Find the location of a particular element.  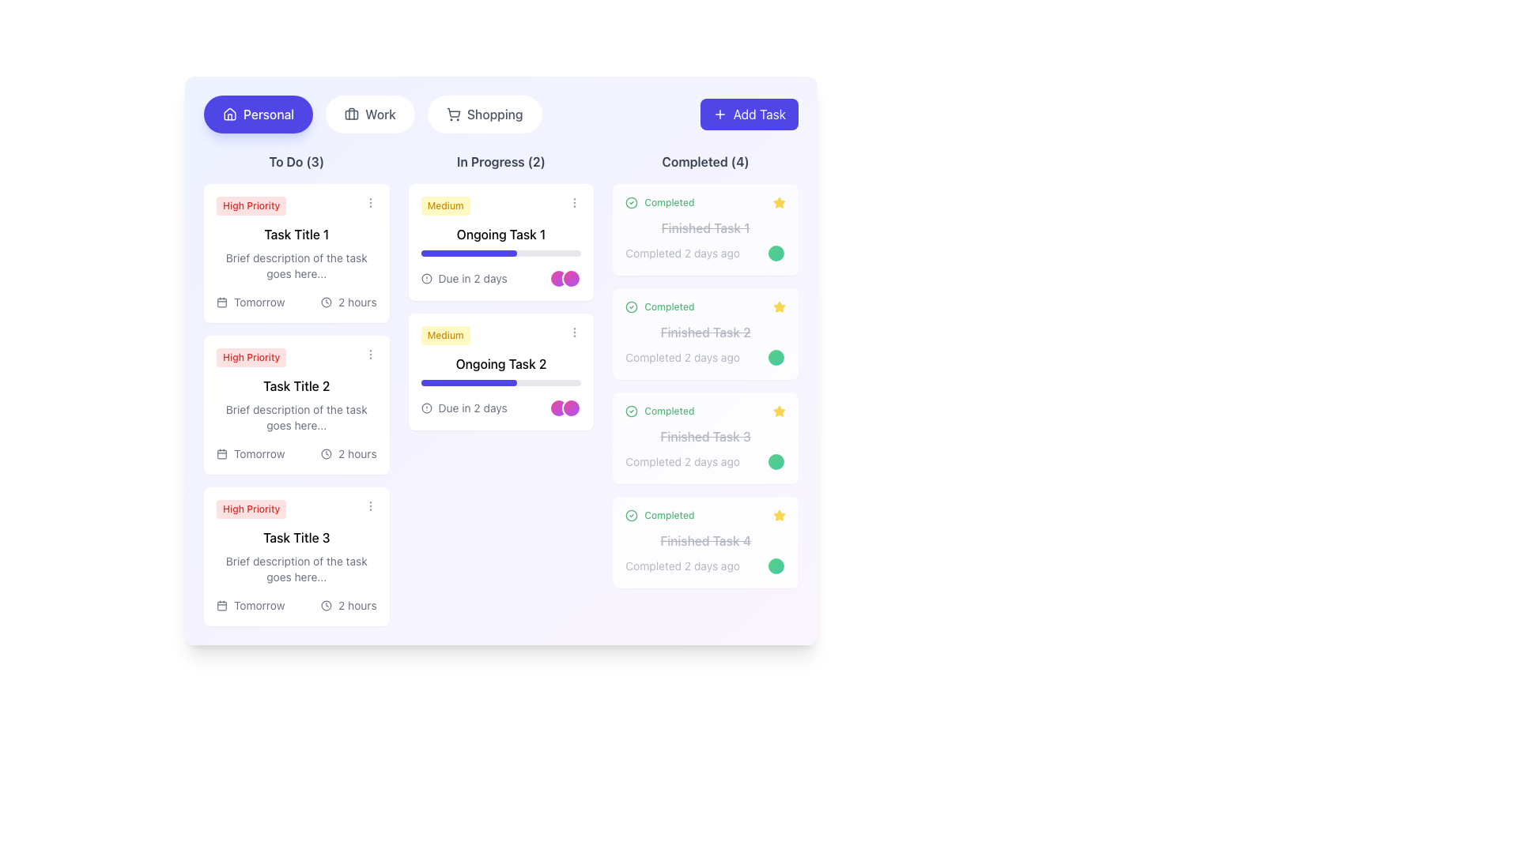

the SVG circle element that is part of the icon in the 'Ongoing Task 2' section under 'Medium' priority in the 'In Progress' column is located at coordinates (426, 407).